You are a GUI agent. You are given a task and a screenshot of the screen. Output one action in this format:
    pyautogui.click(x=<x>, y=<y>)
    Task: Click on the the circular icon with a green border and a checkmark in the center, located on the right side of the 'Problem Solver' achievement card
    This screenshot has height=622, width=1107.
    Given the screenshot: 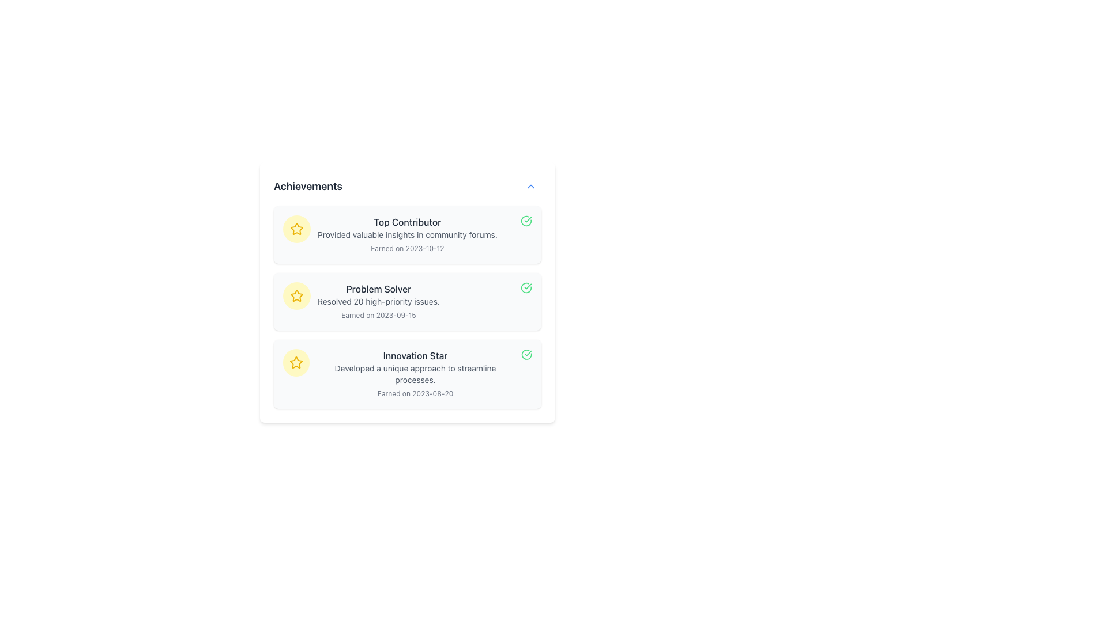 What is the action you would take?
    pyautogui.click(x=525, y=287)
    